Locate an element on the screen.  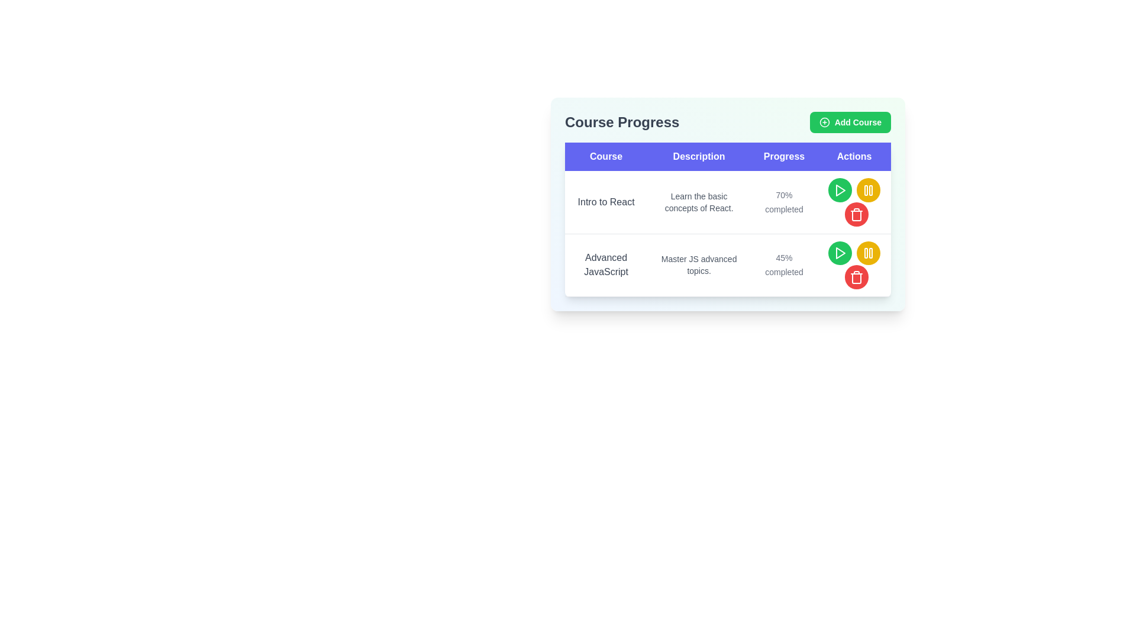
the circular icon outlined with a green stroke within the 'Add Course' button, which is positioned to the left of the text 'Add Course' is located at coordinates (824, 122).